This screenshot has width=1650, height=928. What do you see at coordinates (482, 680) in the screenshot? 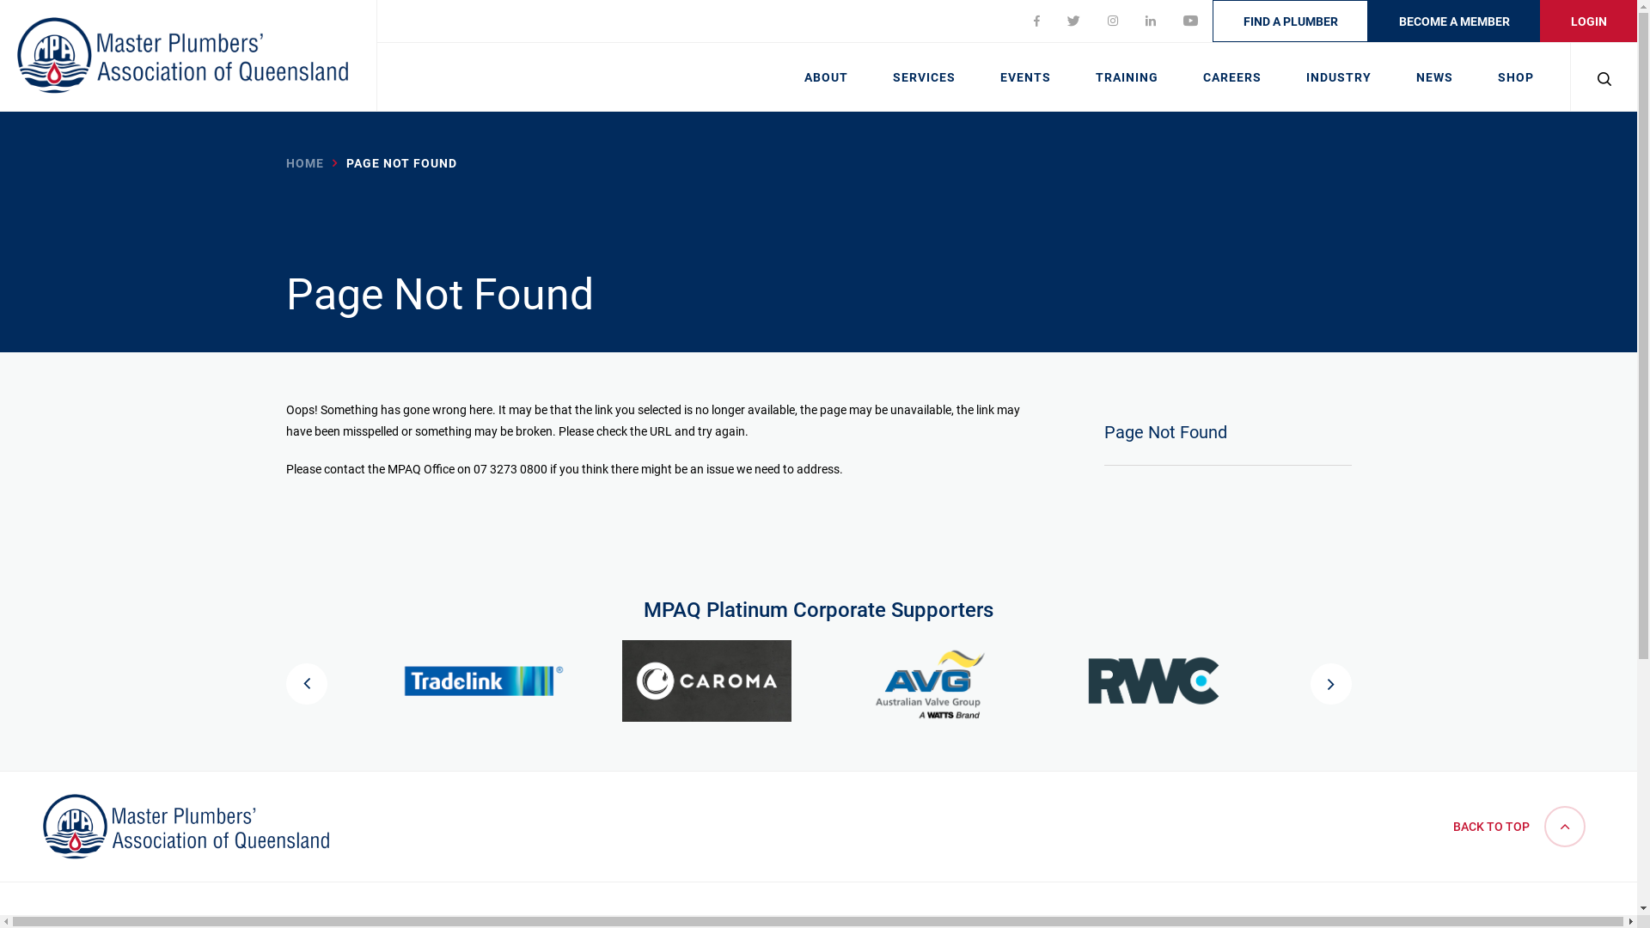
I see `'Tradelink - Platinum Corporate Supporter'` at bounding box center [482, 680].